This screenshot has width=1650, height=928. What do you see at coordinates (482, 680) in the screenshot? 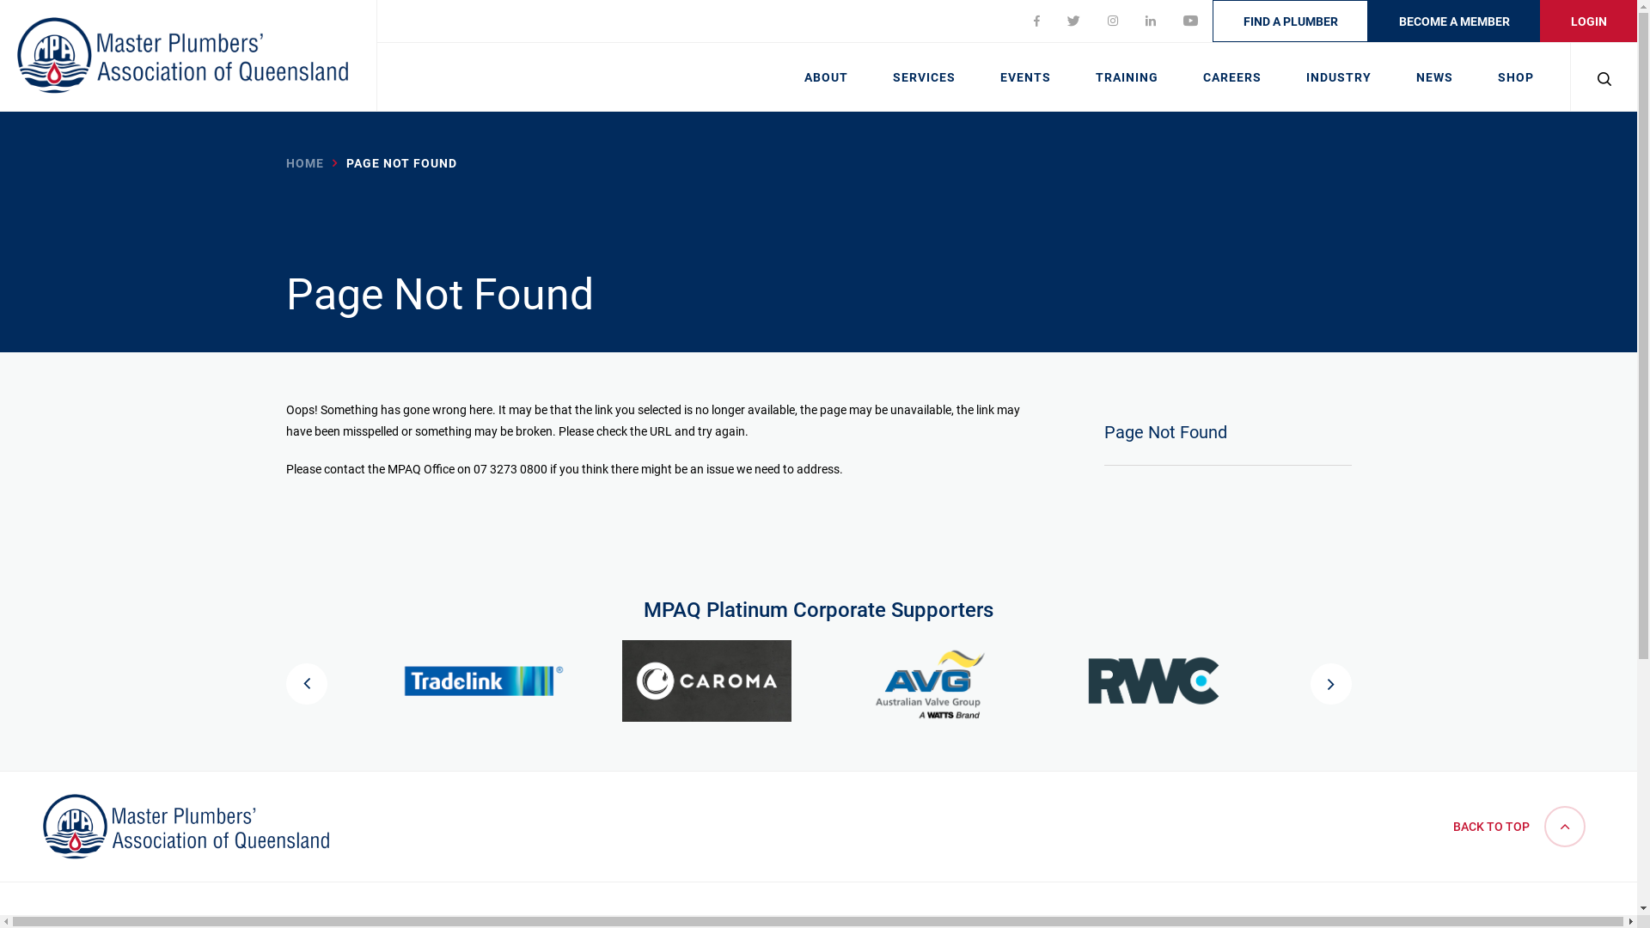
I see `'Tradelink - Platinum Corporate Supporter'` at bounding box center [482, 680].